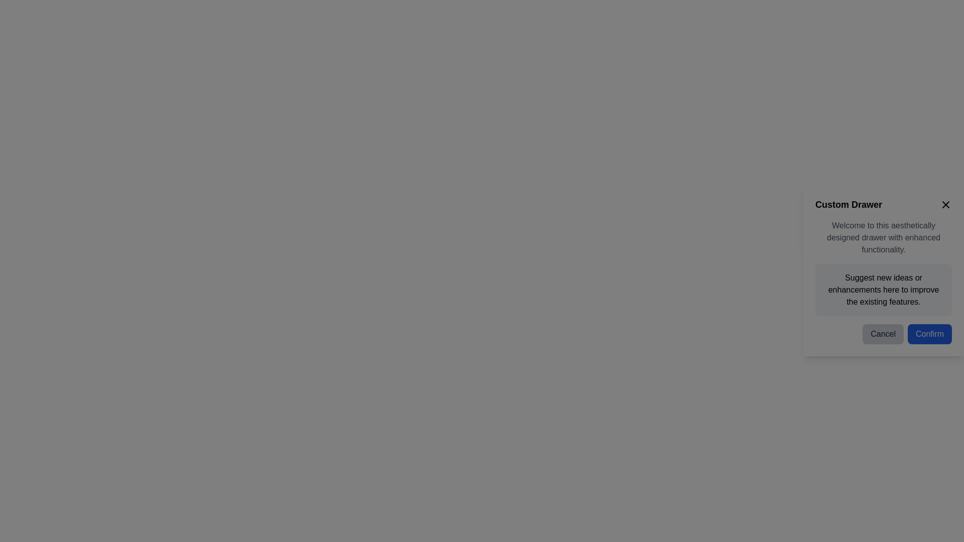  I want to click on the close icon located in the top-right corner of the 'Custom Drawer' modal, so click(945, 204).